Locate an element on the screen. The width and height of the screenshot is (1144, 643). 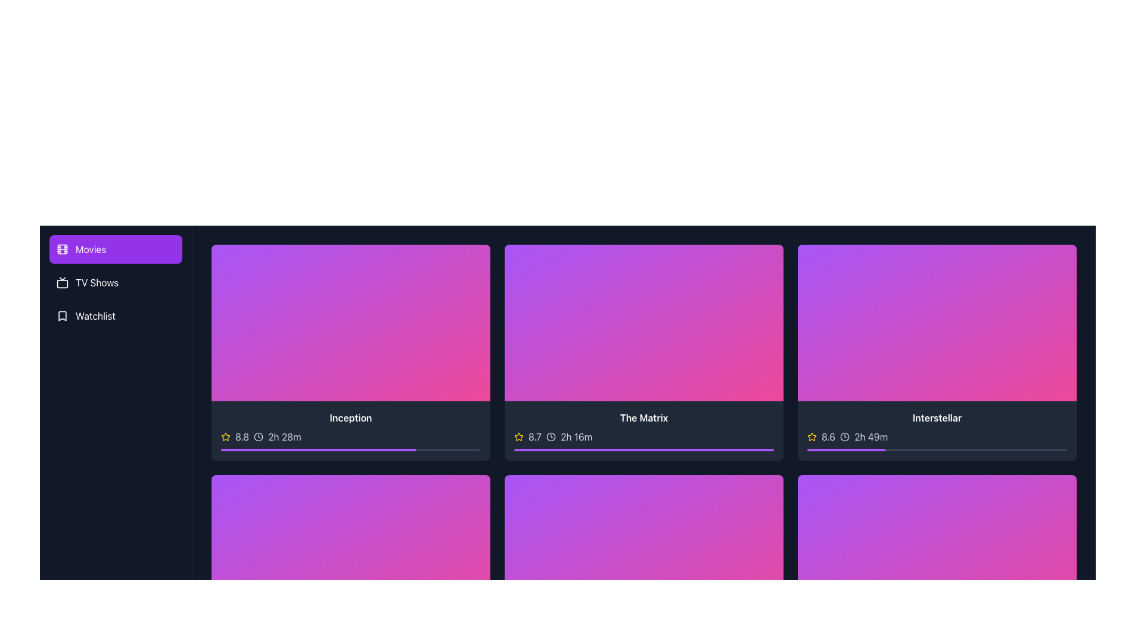
the text label that indicates the duration of the movie 'The Matrix', positioned to the right of the clock icon and left of the progress bar is located at coordinates (576, 437).